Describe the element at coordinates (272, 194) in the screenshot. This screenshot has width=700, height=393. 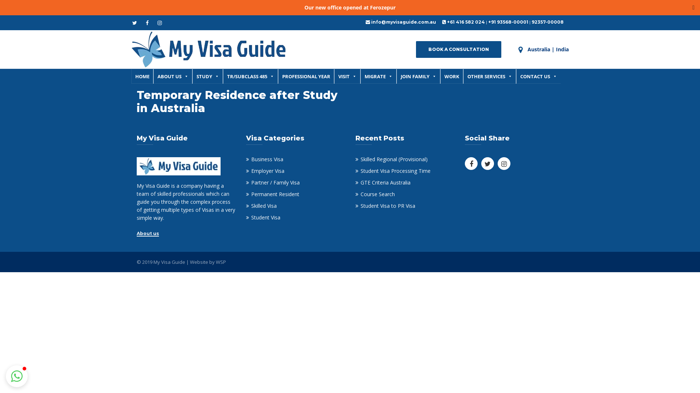
I see `'Permanent Resident'` at that location.